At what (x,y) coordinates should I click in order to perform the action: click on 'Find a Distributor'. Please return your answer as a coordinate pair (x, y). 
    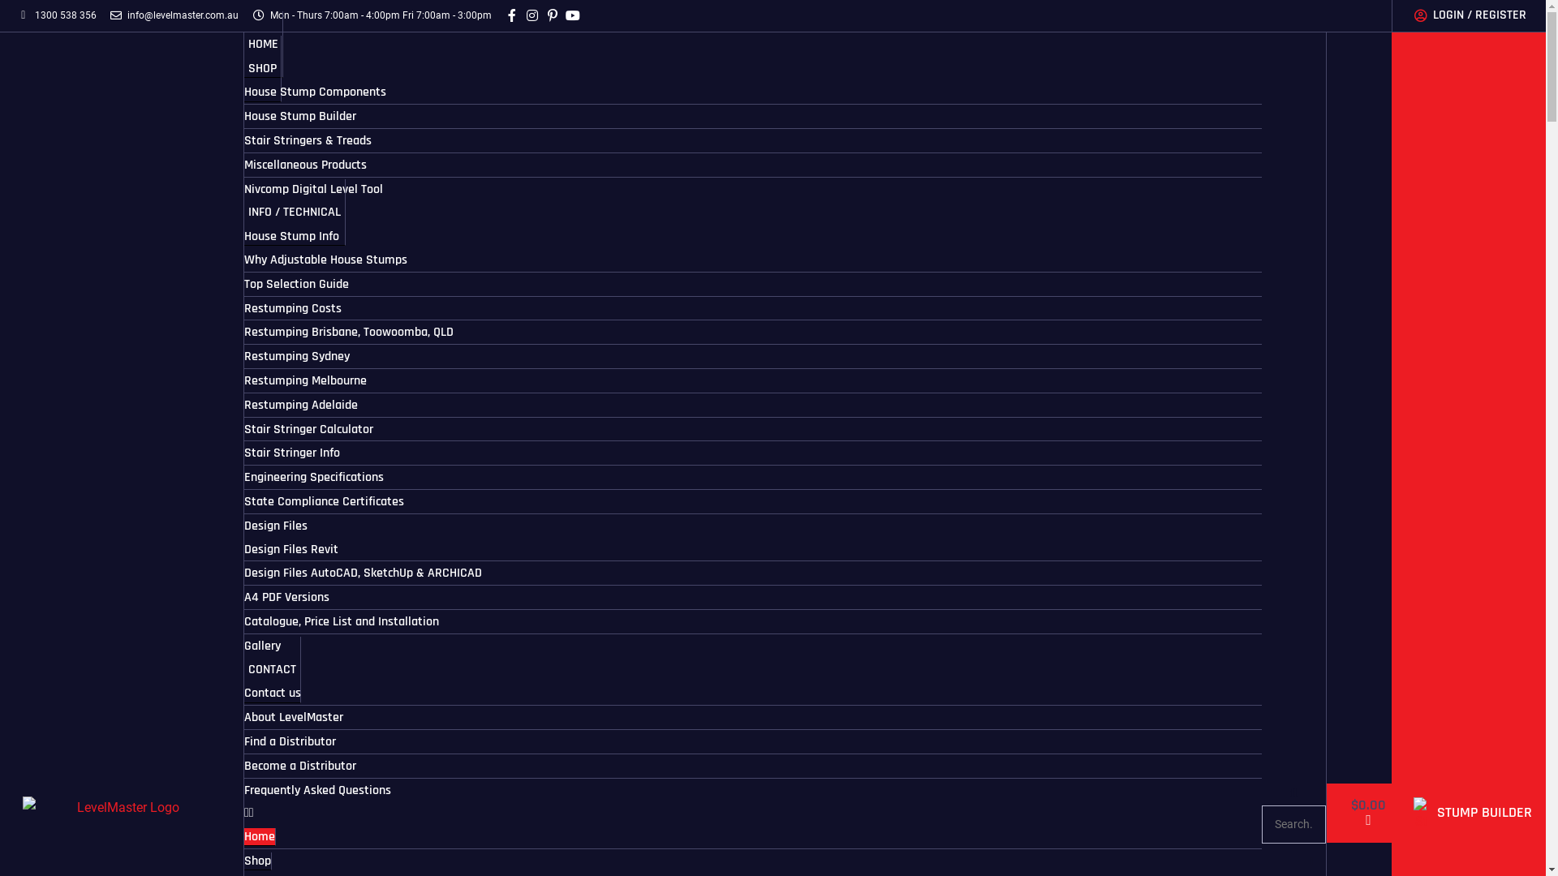
    Looking at the image, I should click on (290, 741).